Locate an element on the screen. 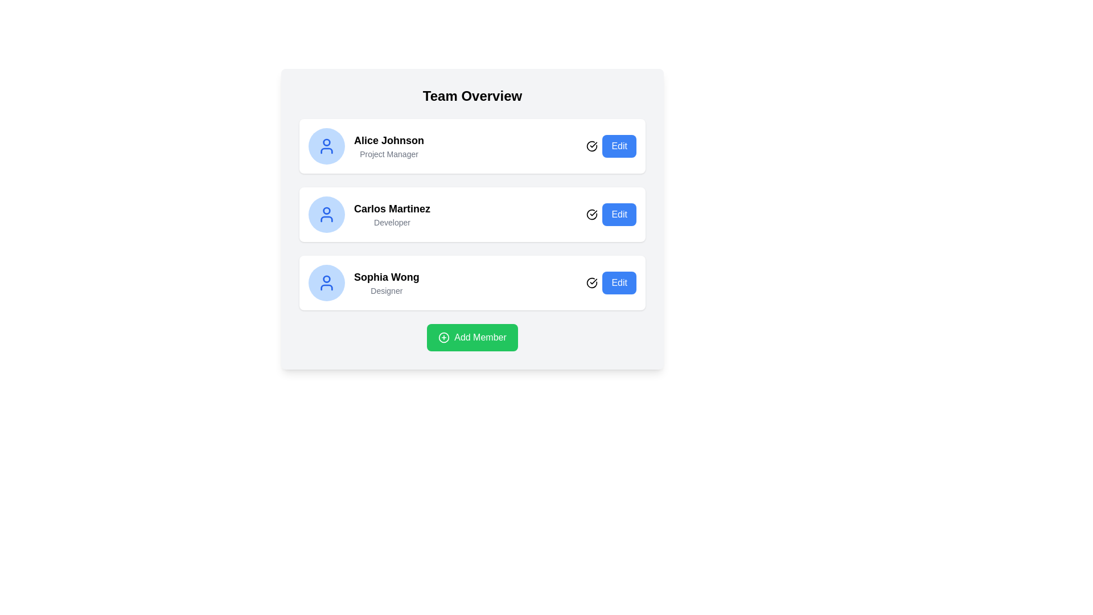 The height and width of the screenshot is (615, 1093). the detailed list item component representing the profile information for 'Sophia Wong', which is the third item in the user profiles list is located at coordinates (472, 282).